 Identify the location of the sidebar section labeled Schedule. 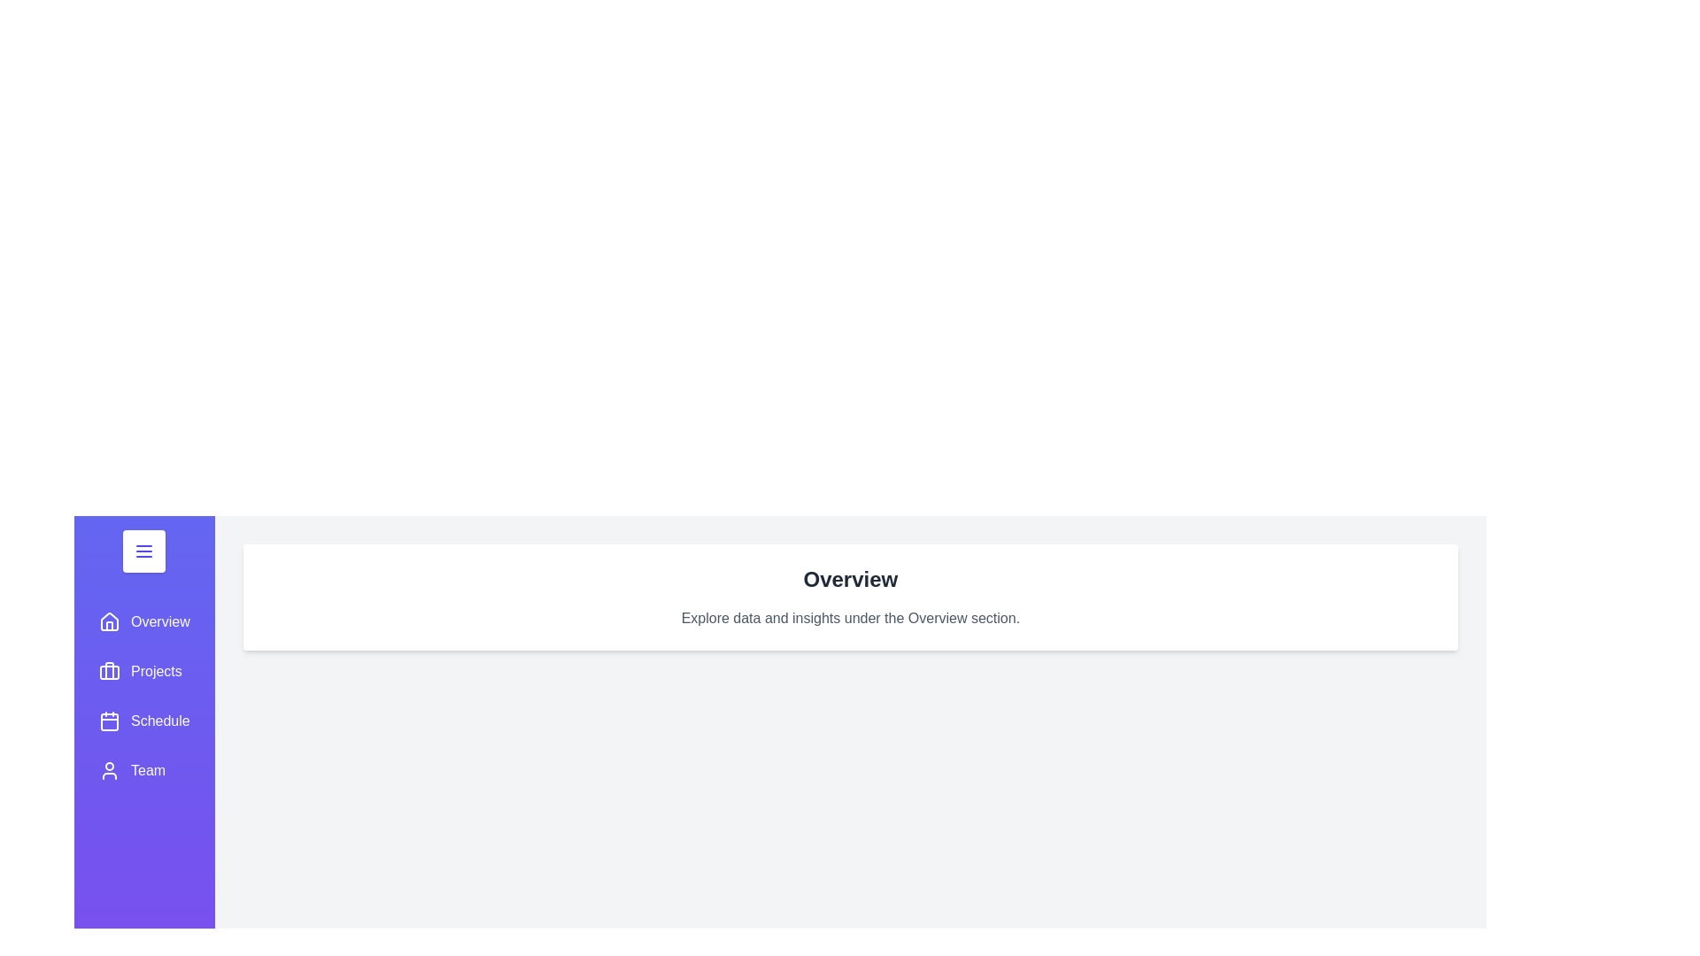
(144, 721).